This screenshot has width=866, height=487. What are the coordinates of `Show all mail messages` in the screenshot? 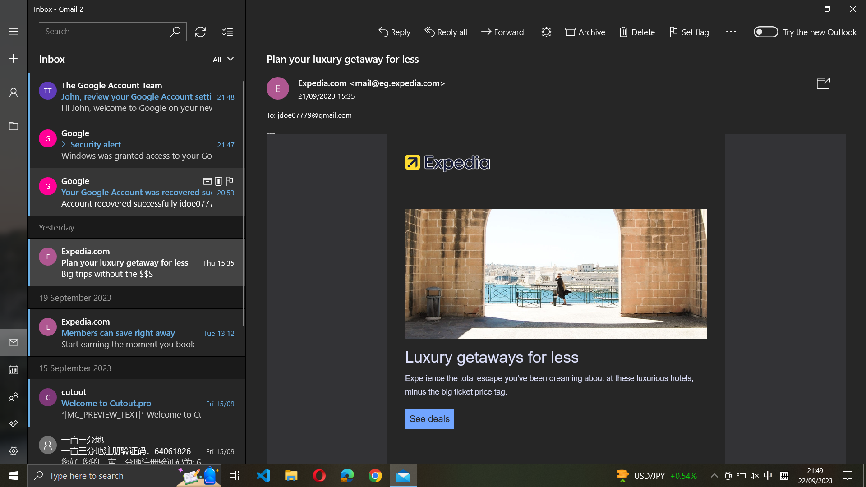 It's located at (223, 60).